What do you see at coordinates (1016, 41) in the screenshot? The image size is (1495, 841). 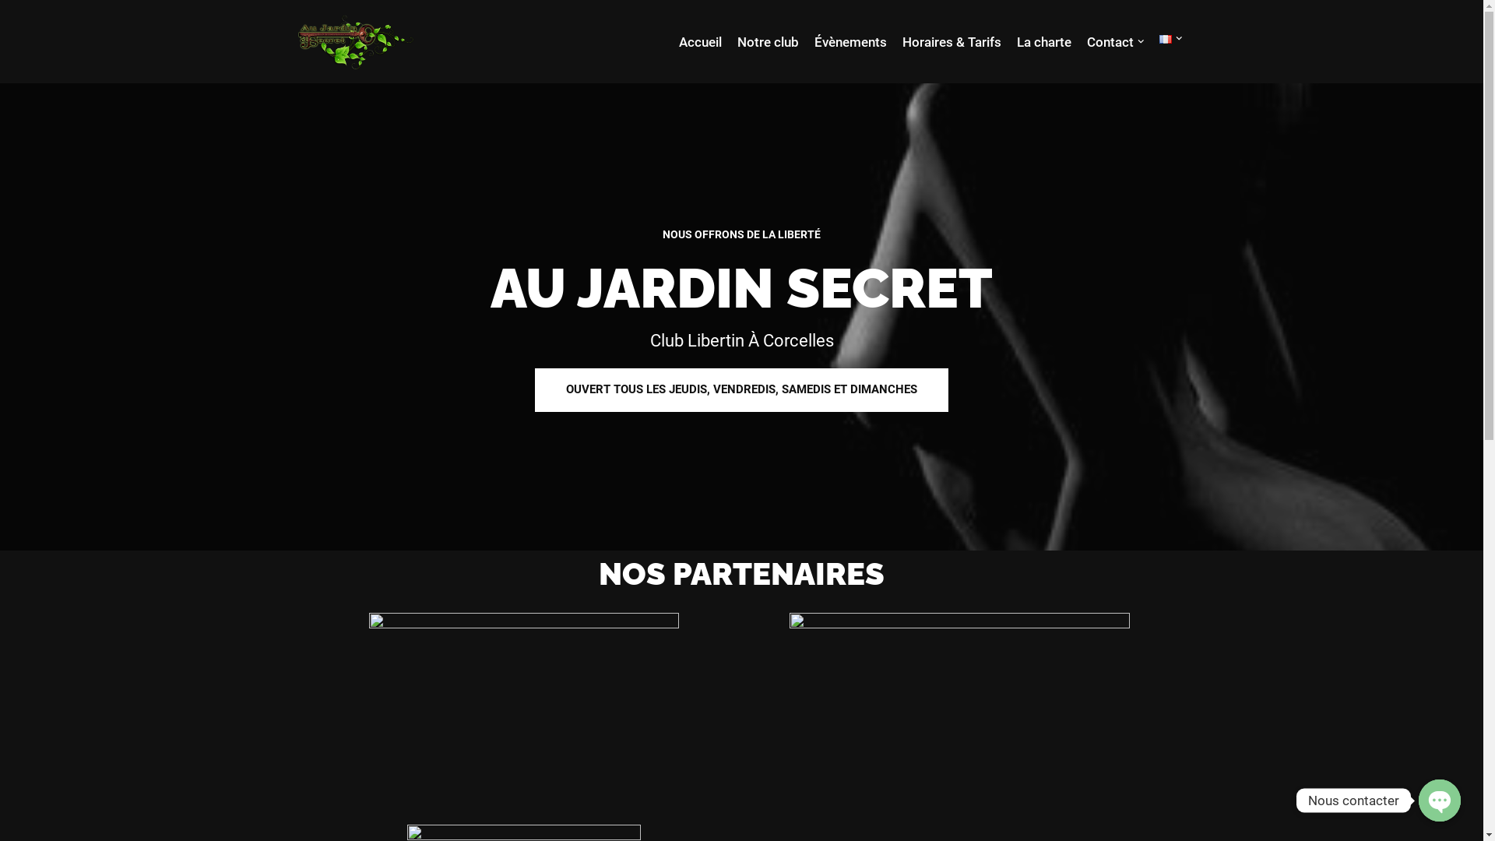 I see `'La charte'` at bounding box center [1016, 41].